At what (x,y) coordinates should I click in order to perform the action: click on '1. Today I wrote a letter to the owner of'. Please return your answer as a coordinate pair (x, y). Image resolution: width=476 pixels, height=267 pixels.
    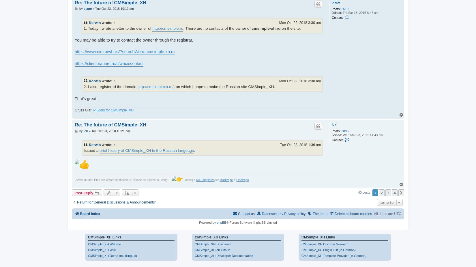
    Looking at the image, I should click on (84, 28).